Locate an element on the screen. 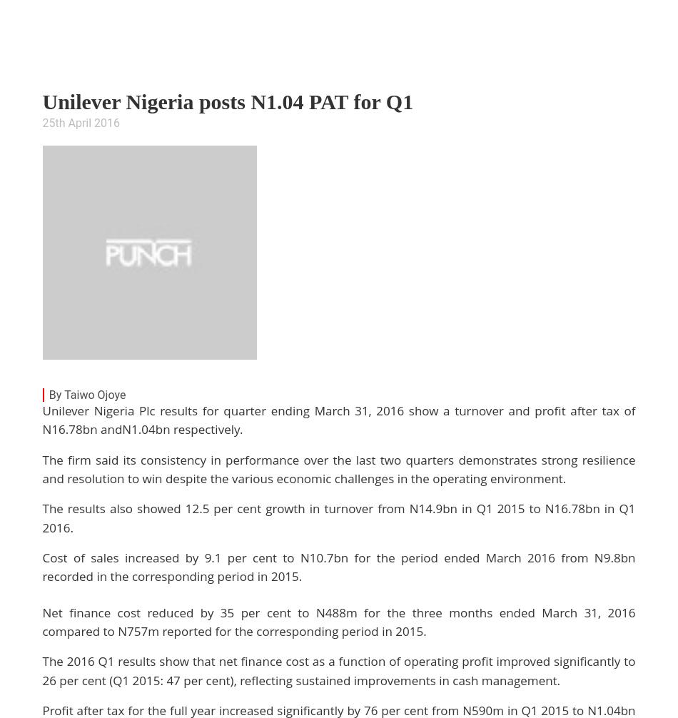 The height and width of the screenshot is (718, 678). '$51bn foreign debt: FG rues  dwindling revenue, Reps condemn needless loans, contracts' is located at coordinates (301, 647).